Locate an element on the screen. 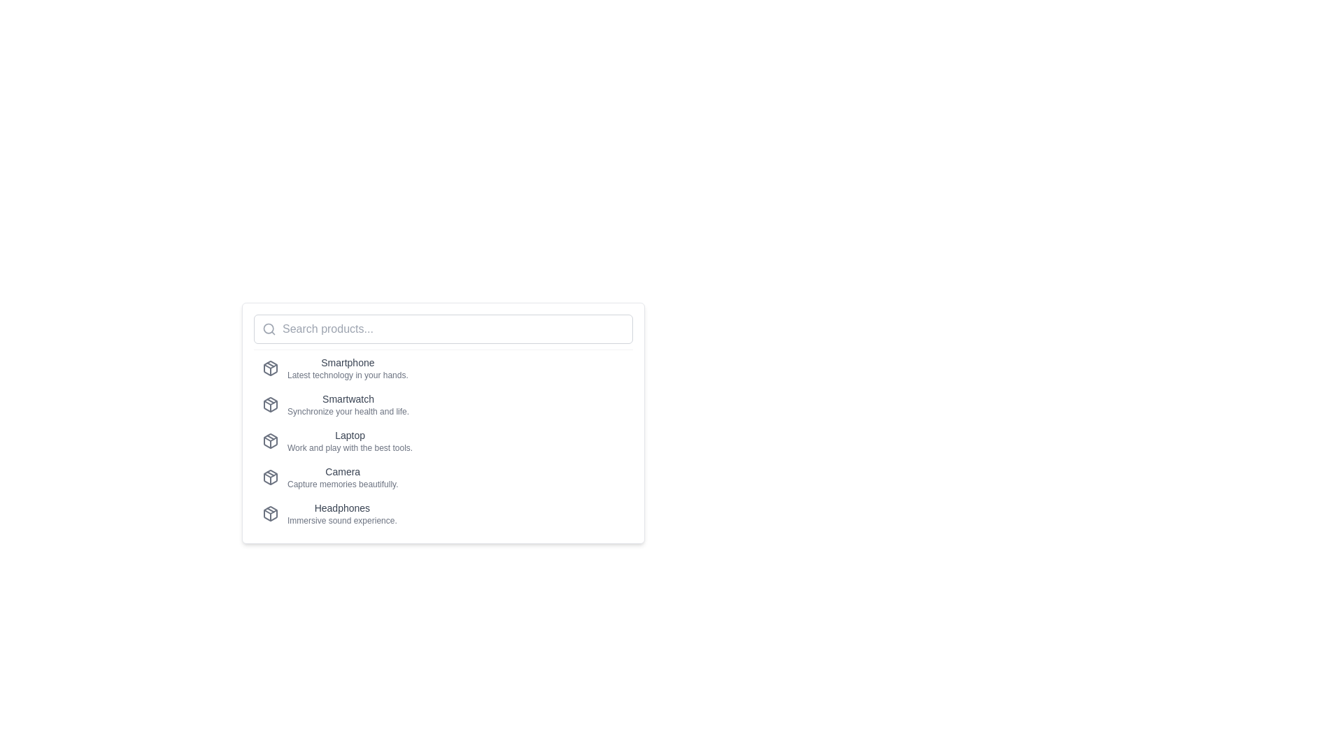  the 'Smartwatch' list item by clicking on its icon located at the beginning of the entry is located at coordinates (271, 404).